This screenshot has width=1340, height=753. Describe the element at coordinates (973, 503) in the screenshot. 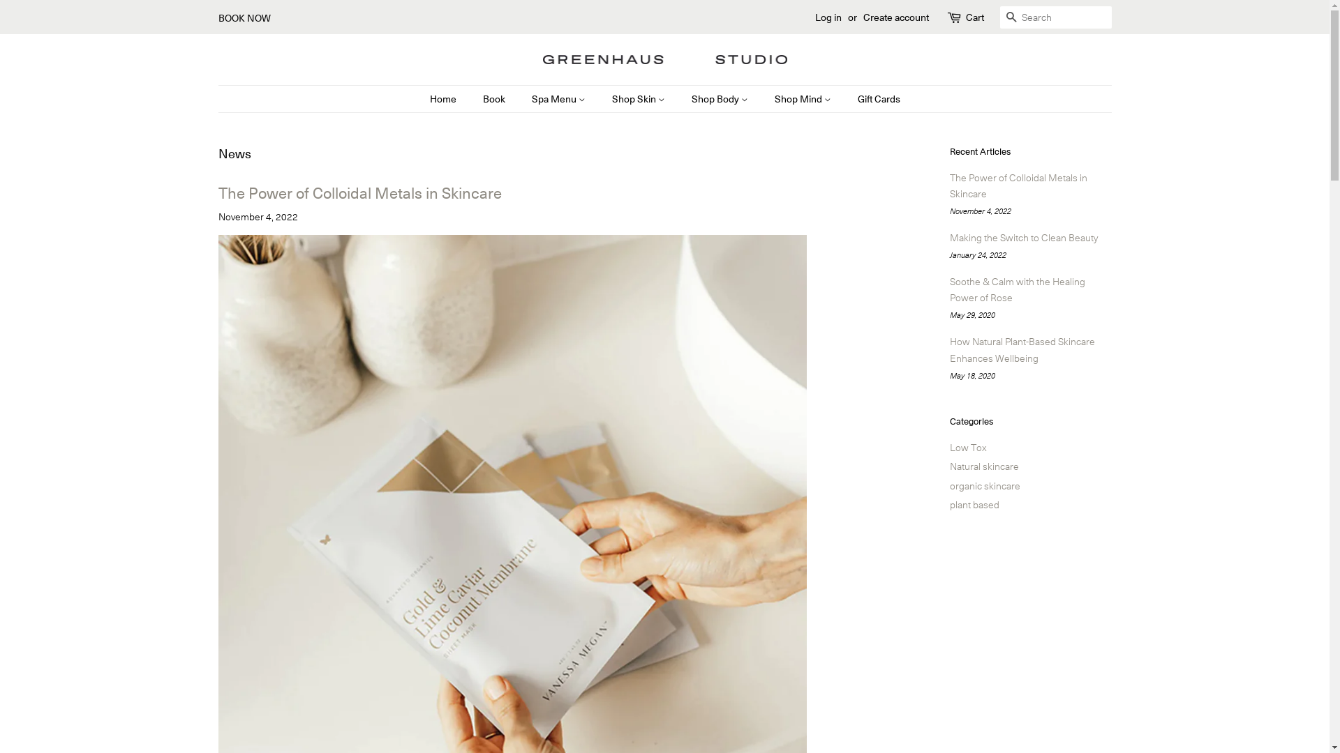

I see `'plant based'` at that location.